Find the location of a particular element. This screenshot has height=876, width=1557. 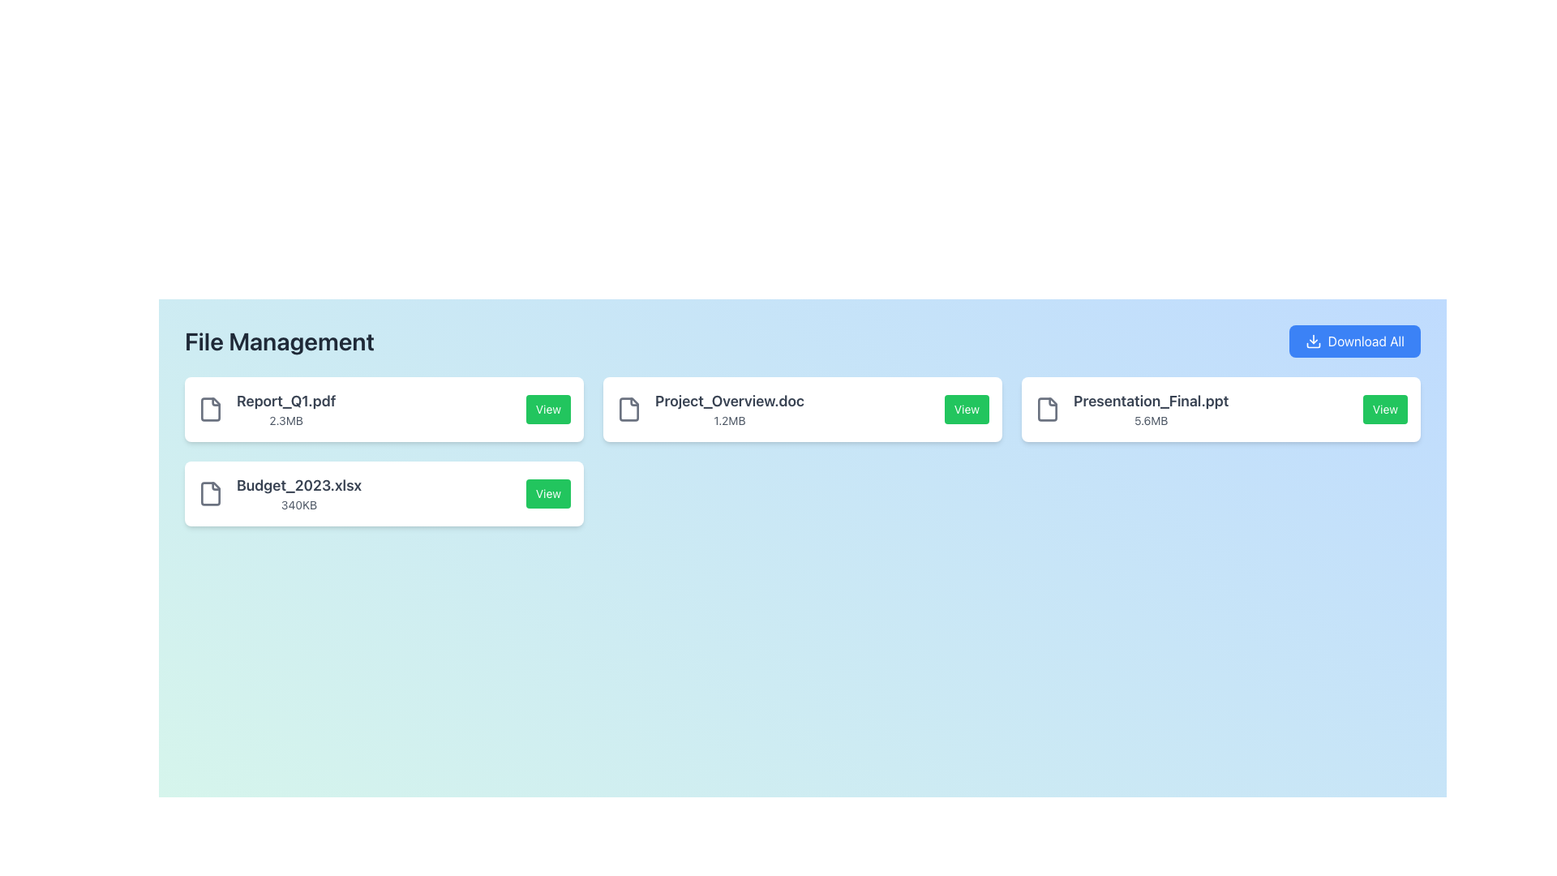

the icon representing the file 'Budget_2023.xlsx' for selection is located at coordinates (209, 493).